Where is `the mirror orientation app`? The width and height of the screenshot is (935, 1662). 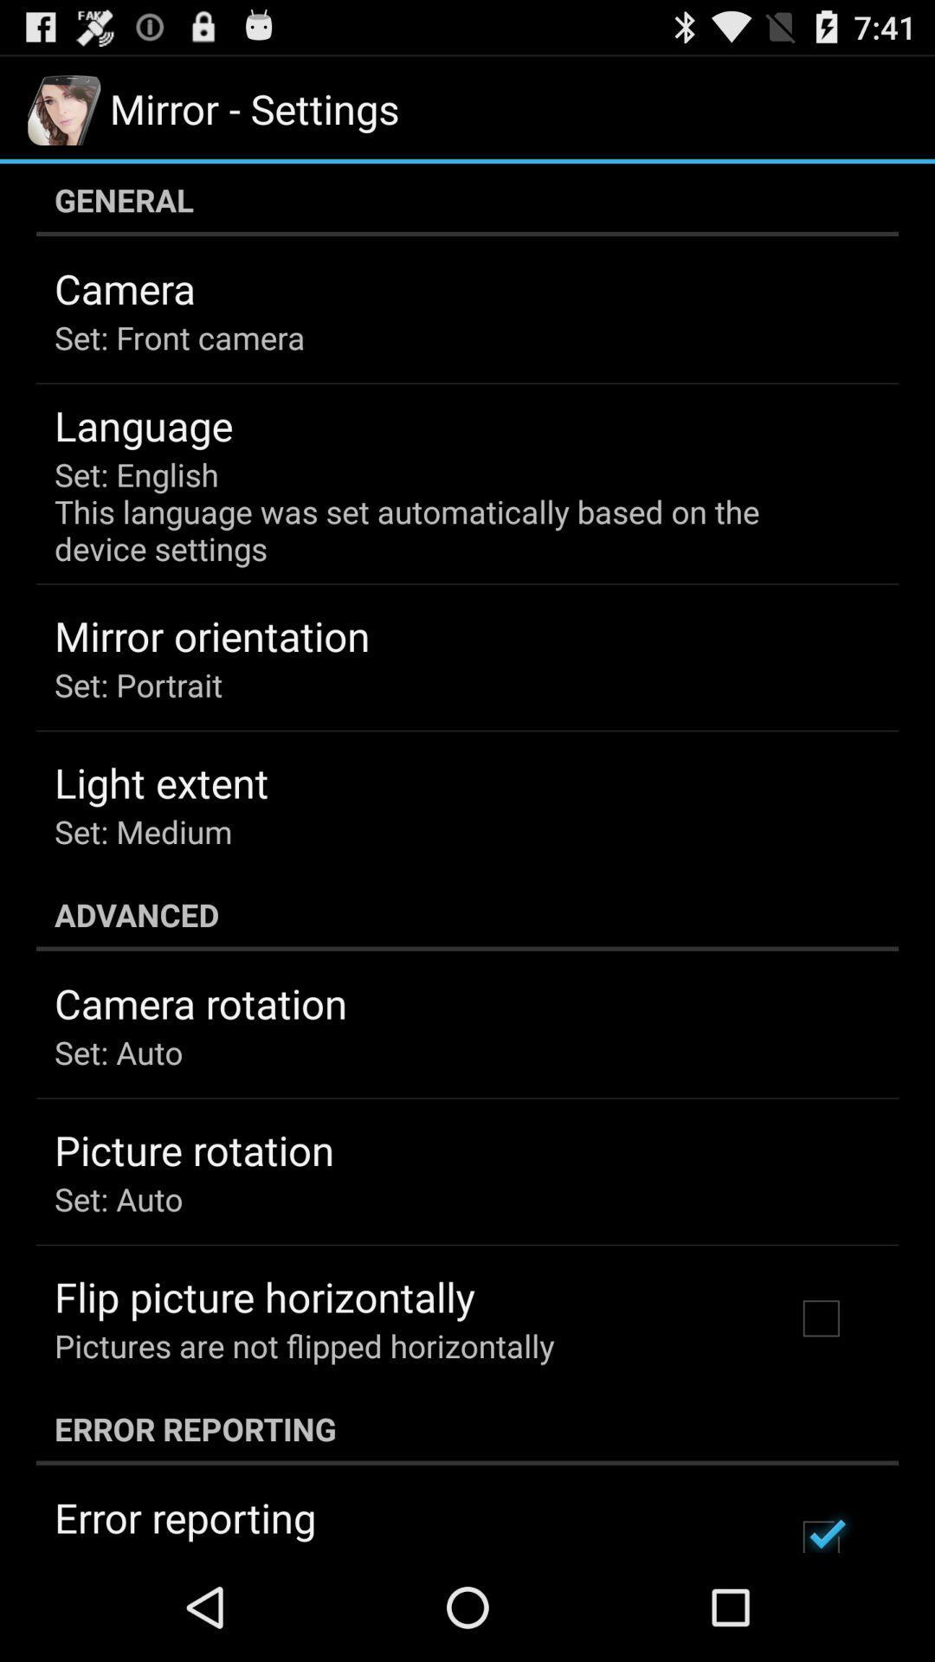
the mirror orientation app is located at coordinates (211, 635).